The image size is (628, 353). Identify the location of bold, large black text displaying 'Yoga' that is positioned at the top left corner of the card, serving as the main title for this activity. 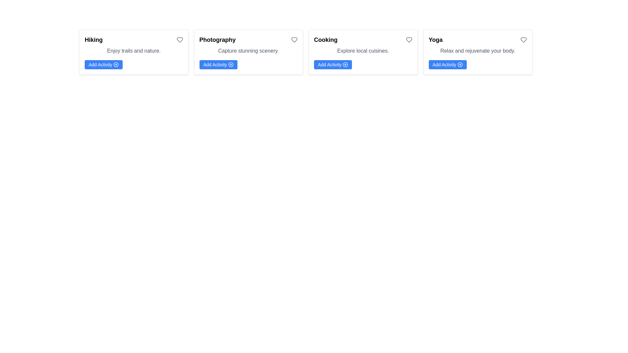
(435, 40).